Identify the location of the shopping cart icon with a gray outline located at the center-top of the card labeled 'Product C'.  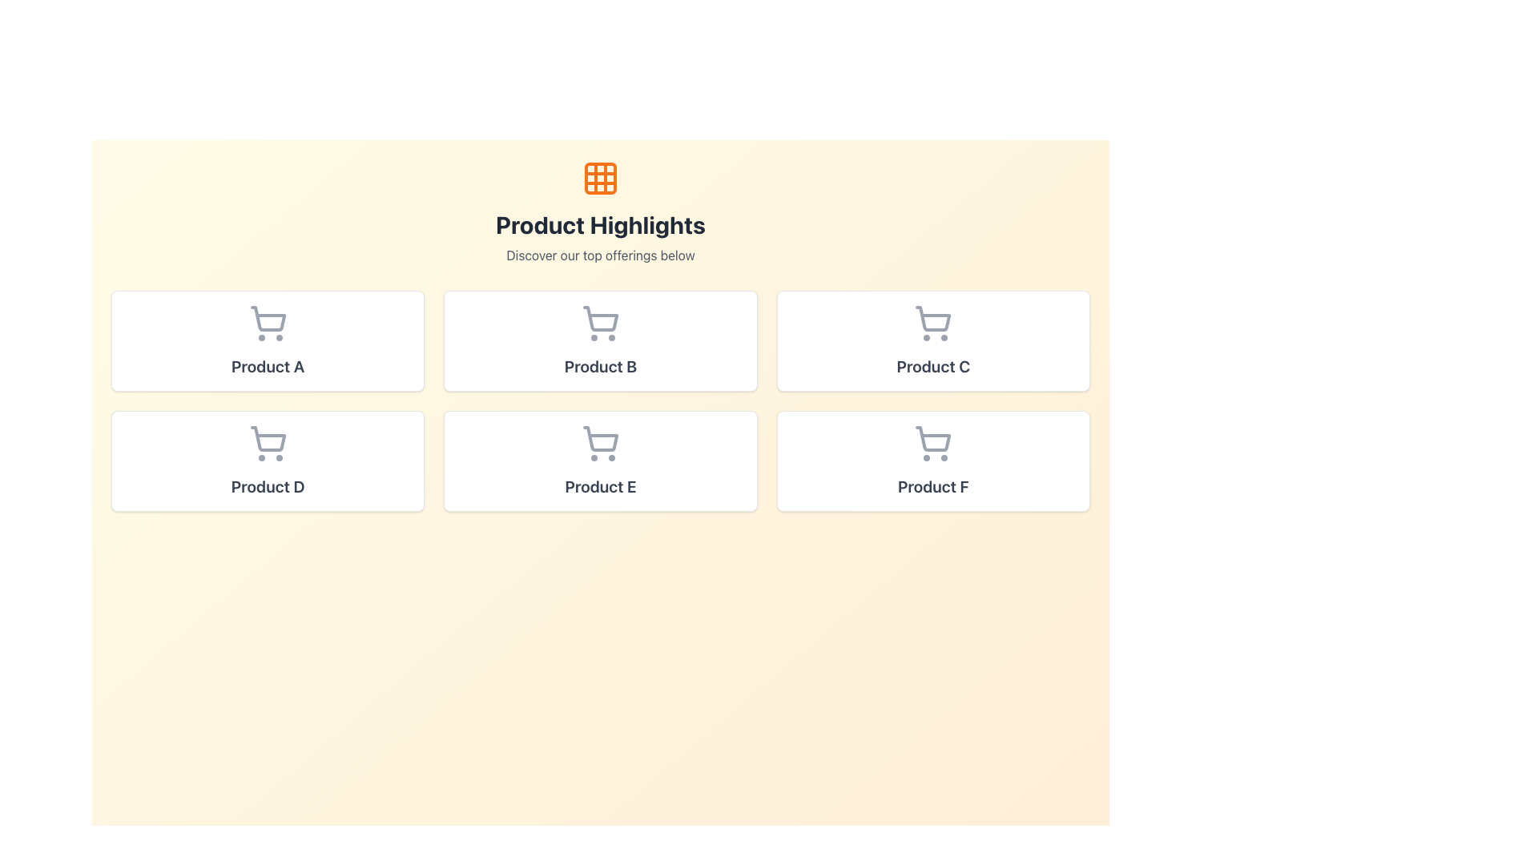
(933, 324).